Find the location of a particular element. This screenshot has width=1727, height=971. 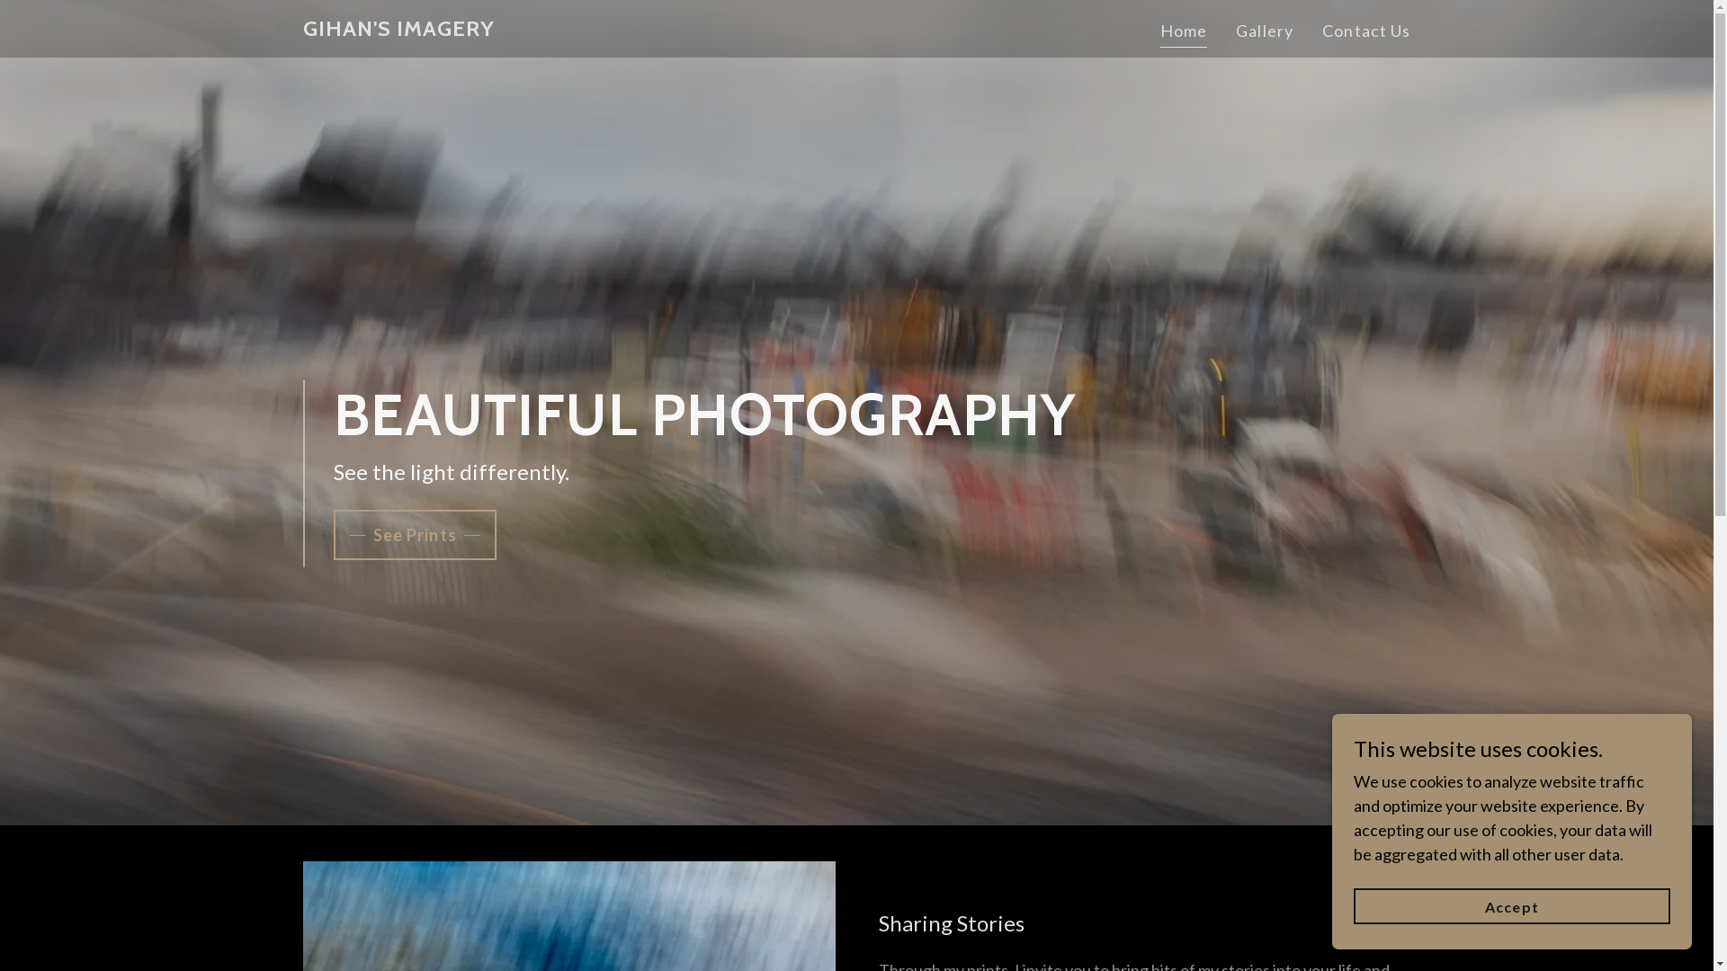

'Gallery' is located at coordinates (1264, 31).